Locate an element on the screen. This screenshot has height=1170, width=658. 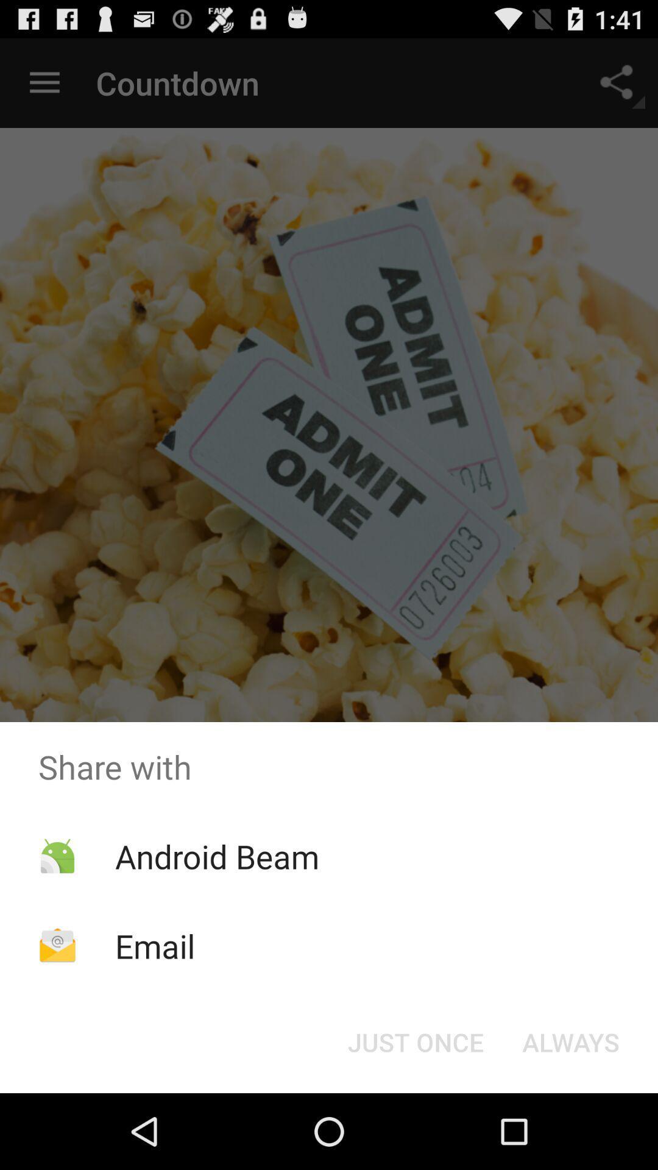
the email app is located at coordinates (154, 945).